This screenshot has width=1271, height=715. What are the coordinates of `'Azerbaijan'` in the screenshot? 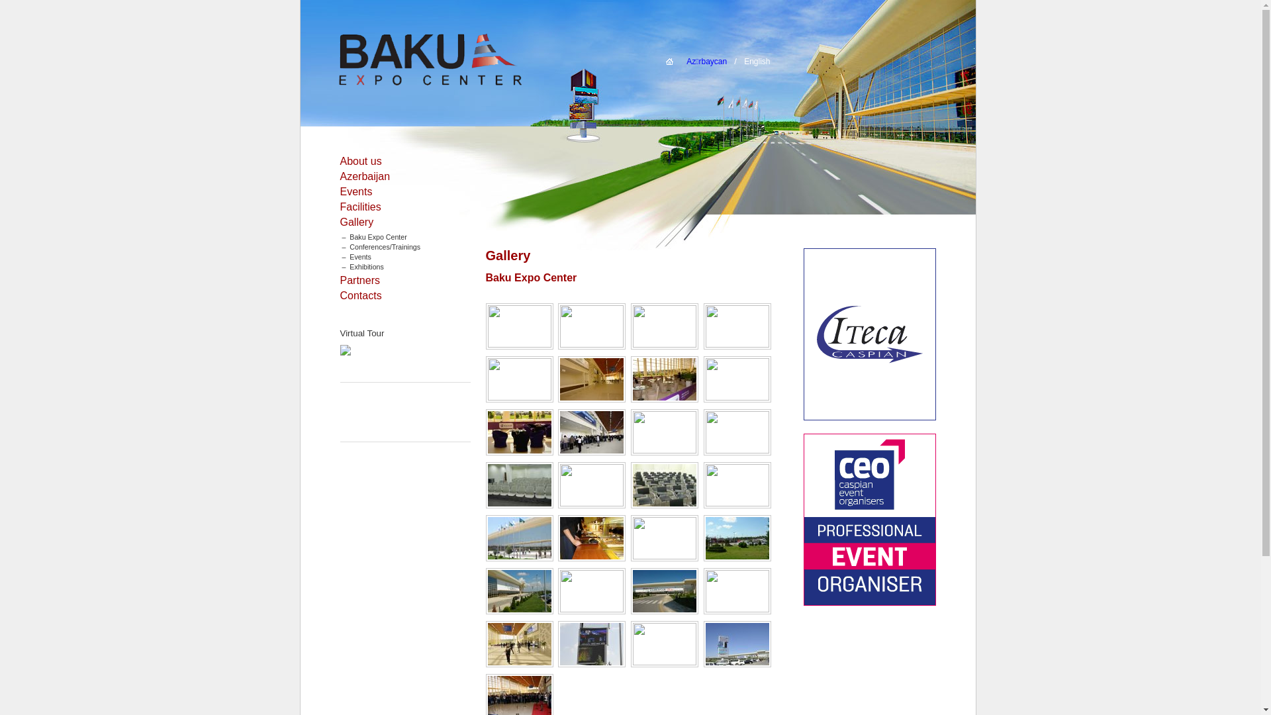 It's located at (365, 175).